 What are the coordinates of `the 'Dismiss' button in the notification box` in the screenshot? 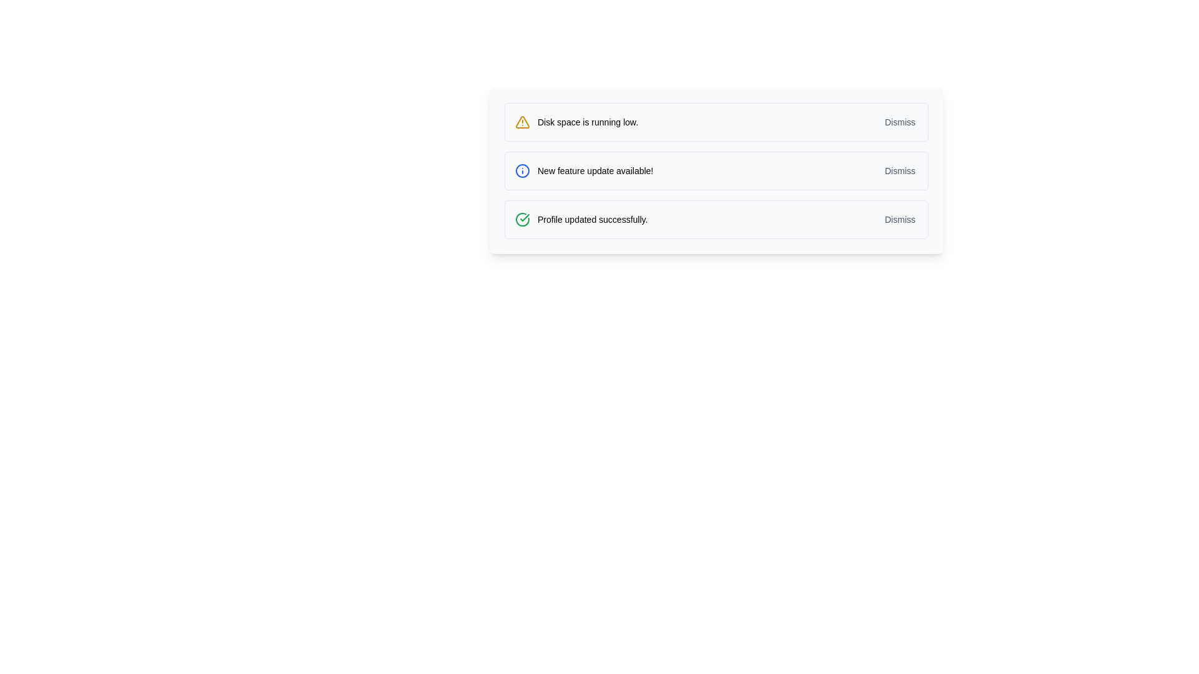 It's located at (900, 122).